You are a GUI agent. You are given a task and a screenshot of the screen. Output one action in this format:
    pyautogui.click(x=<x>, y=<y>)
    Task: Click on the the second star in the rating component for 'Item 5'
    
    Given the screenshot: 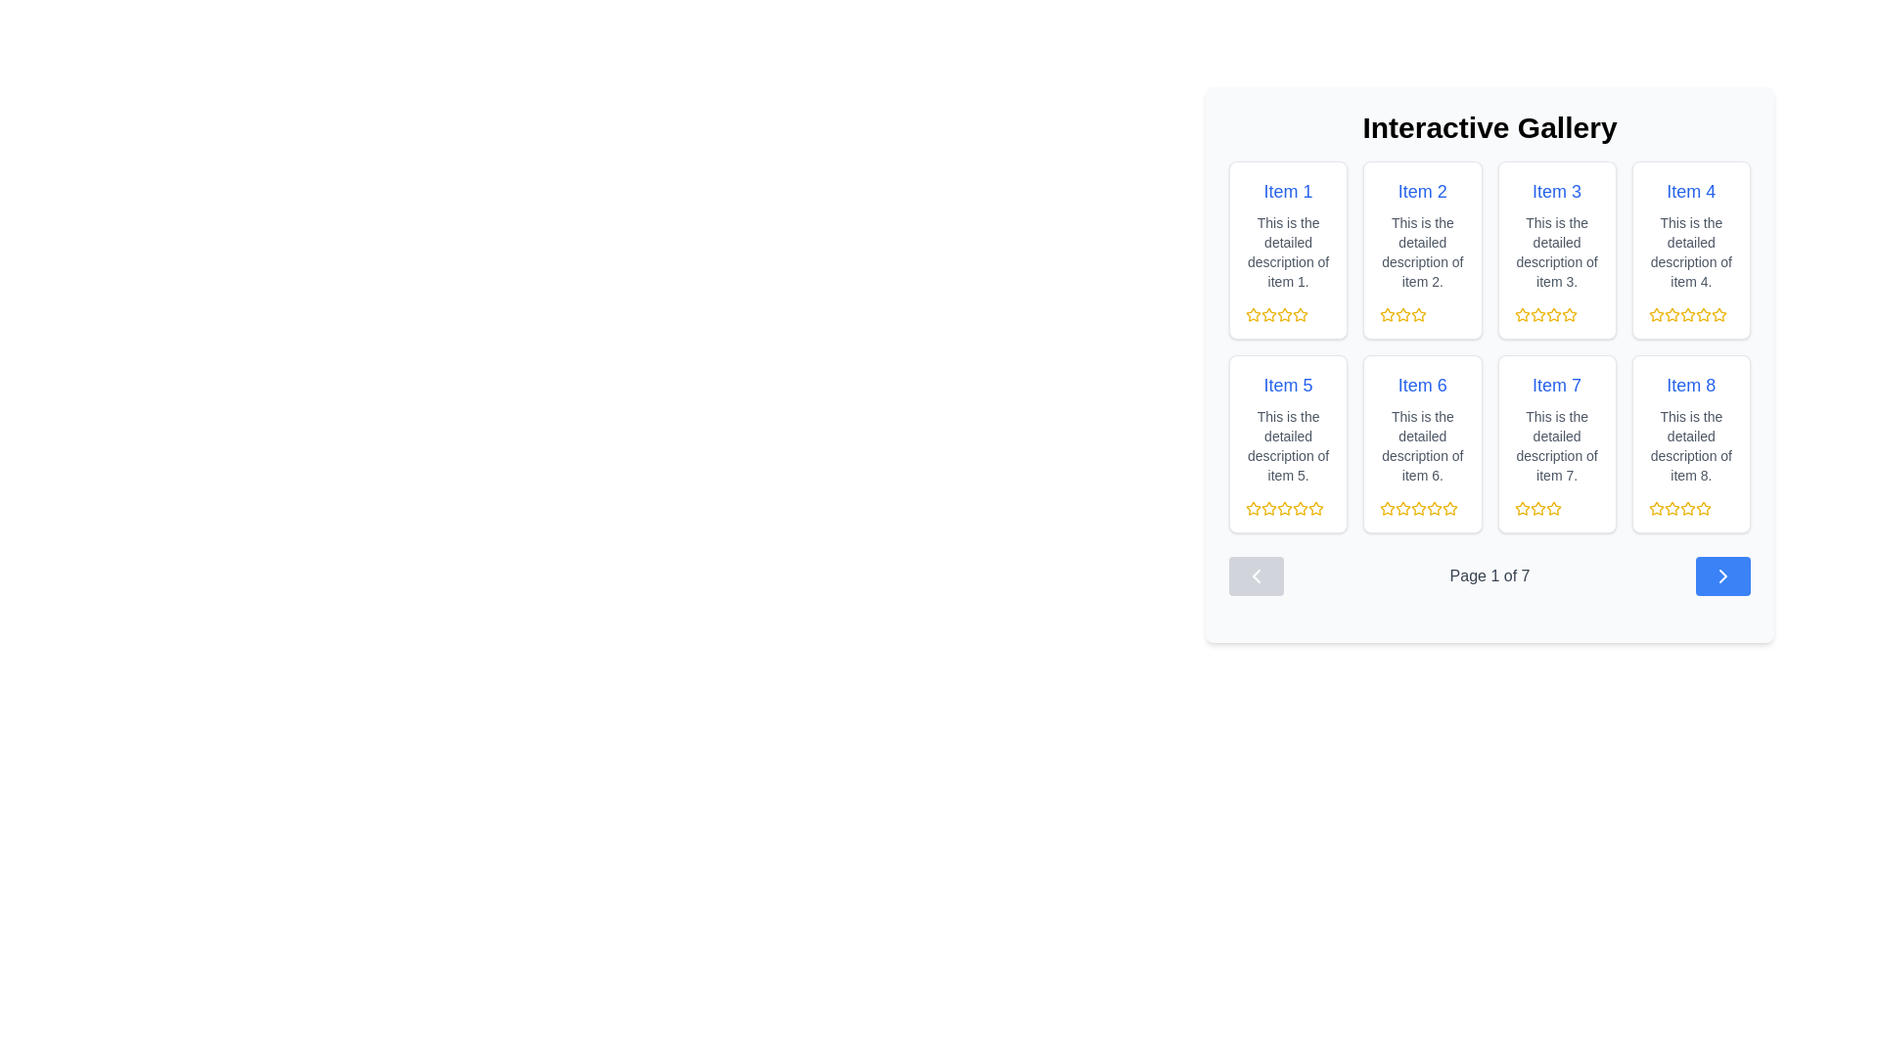 What is the action you would take?
    pyautogui.click(x=1301, y=507)
    